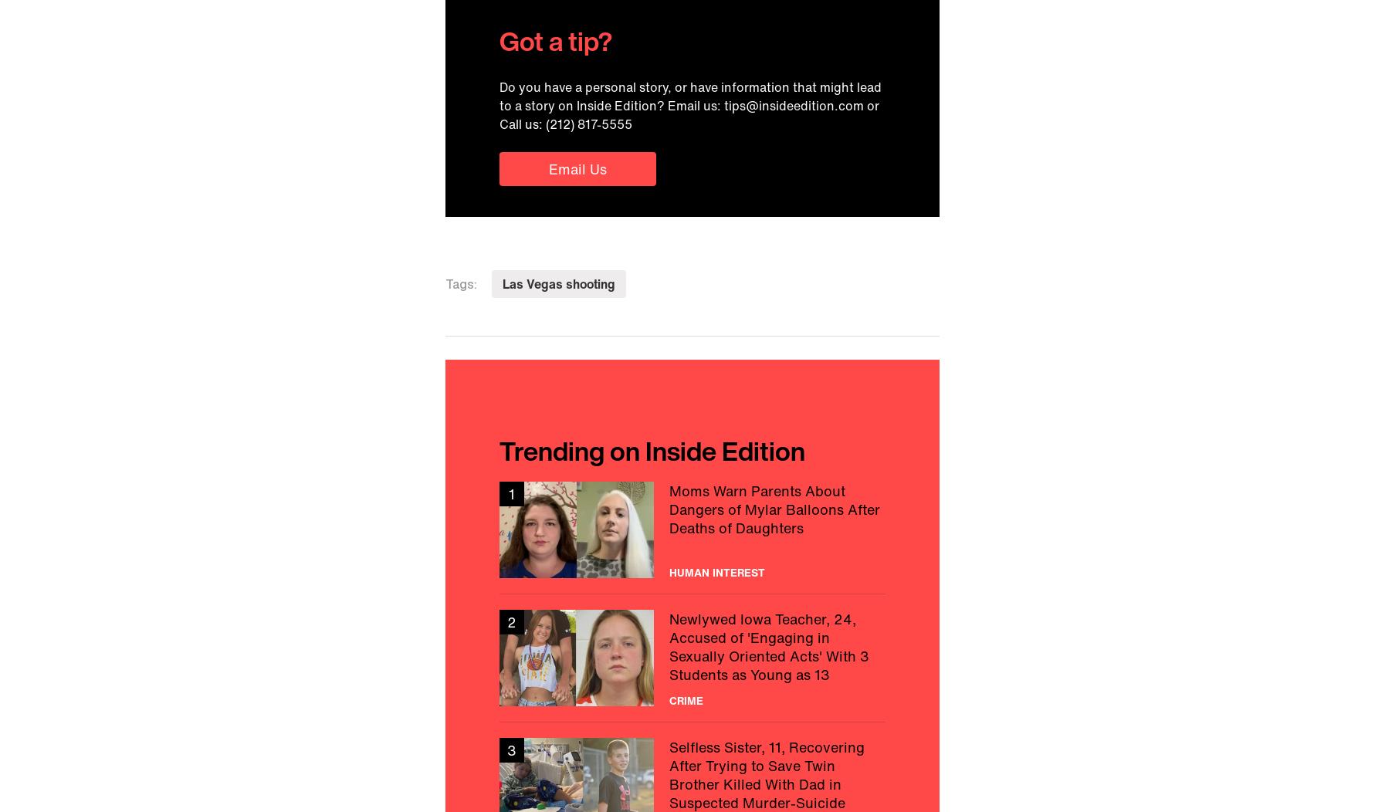 The image size is (1385, 812). I want to click on 'Email Us', so click(577, 167).